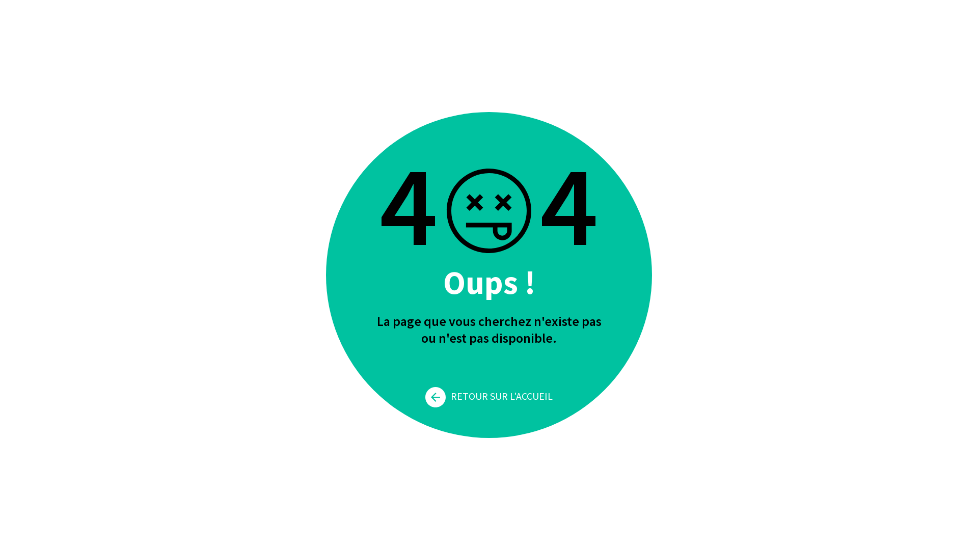  I want to click on 'RETOUR SUR L'ACCUEIL', so click(489, 395).